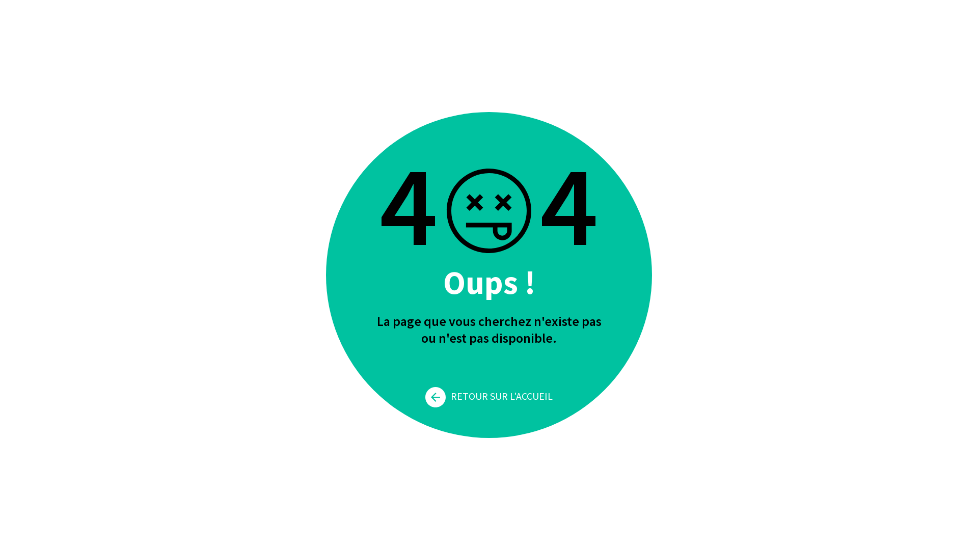  I want to click on 'RETOUR SUR L'ACCUEIL', so click(489, 395).